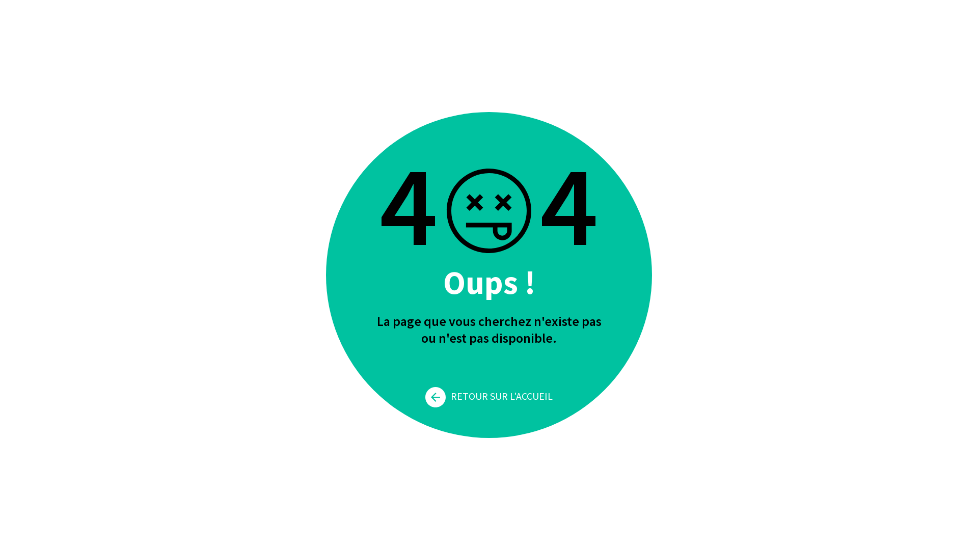  I want to click on 'RETOUR SUR L'ACCUEIL', so click(489, 395).